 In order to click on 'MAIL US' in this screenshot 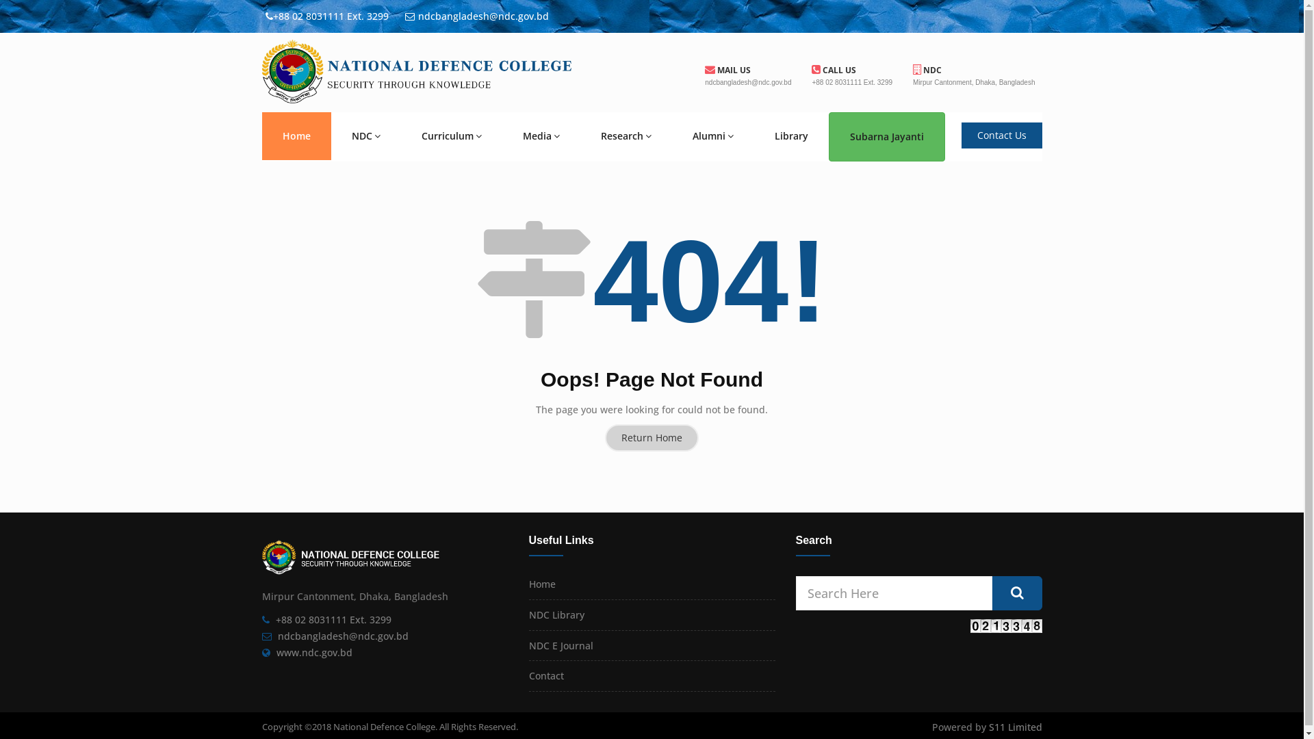, I will do `click(727, 70)`.